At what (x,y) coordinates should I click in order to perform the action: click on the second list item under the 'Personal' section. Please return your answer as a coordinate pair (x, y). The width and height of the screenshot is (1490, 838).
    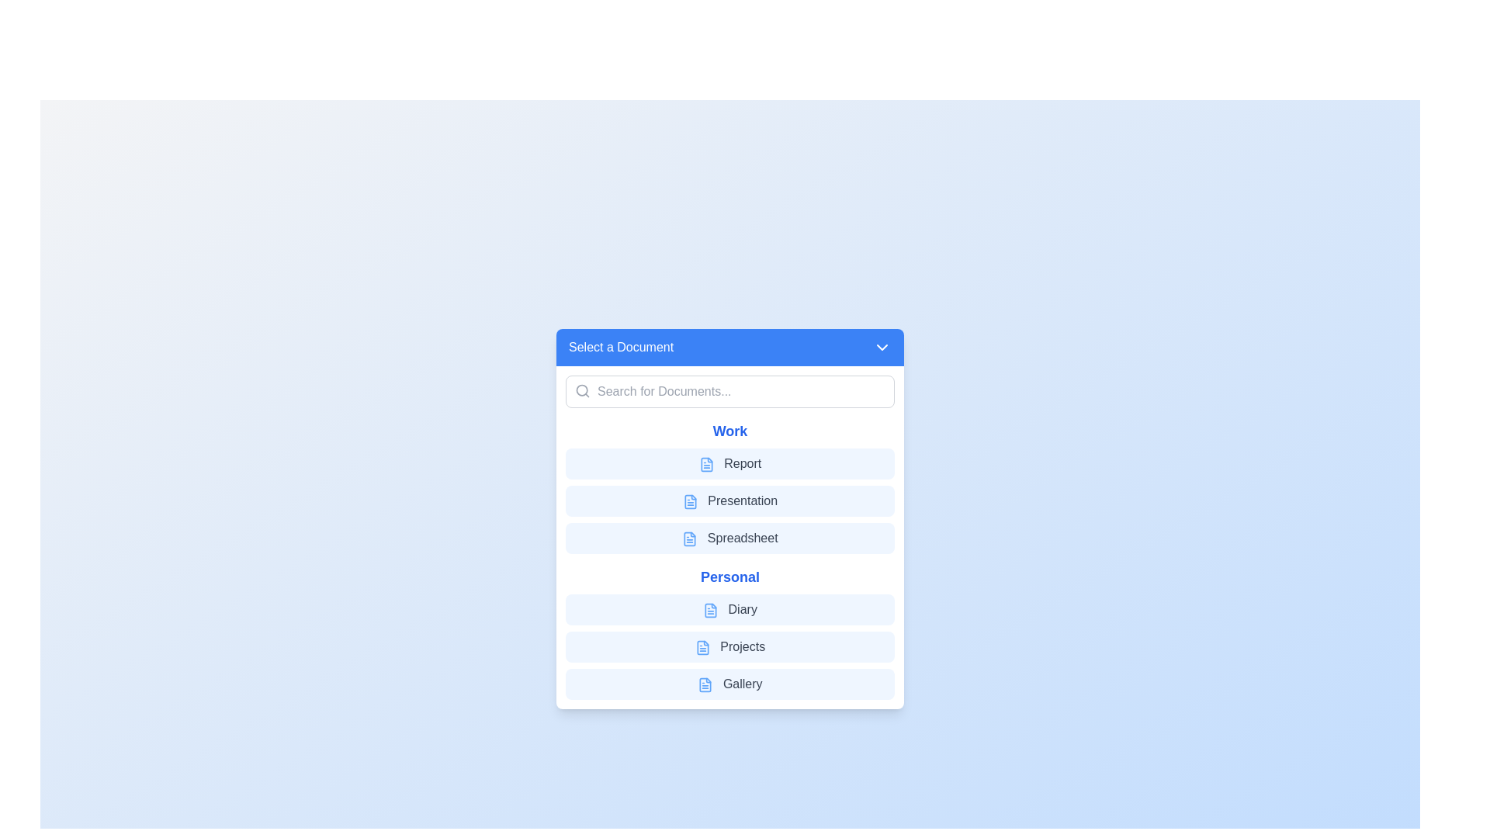
    Looking at the image, I should click on (729, 646).